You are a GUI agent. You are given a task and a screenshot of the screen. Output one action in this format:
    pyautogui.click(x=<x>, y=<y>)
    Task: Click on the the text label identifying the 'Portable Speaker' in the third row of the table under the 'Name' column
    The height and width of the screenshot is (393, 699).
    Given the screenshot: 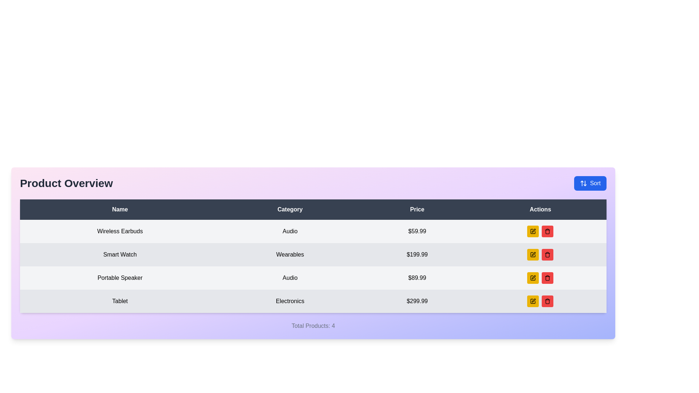 What is the action you would take?
    pyautogui.click(x=120, y=278)
    